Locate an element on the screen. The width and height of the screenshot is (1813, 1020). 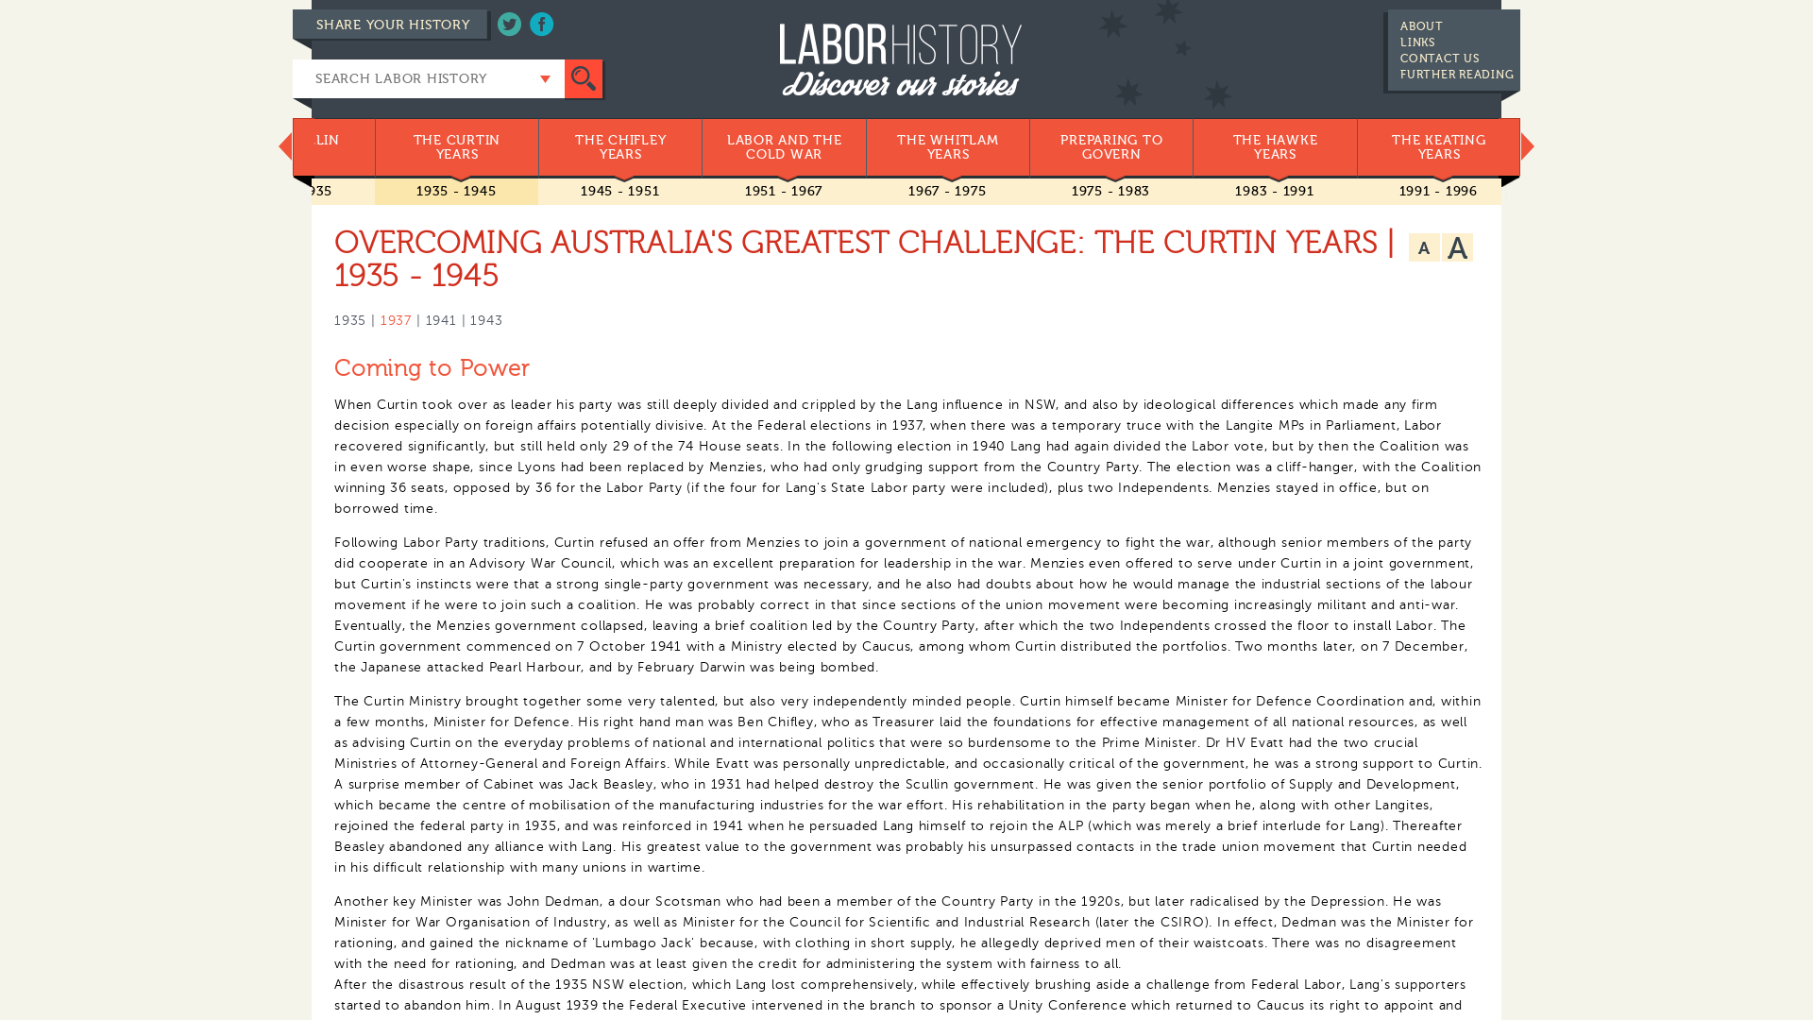
'1935' is located at coordinates (349, 319).